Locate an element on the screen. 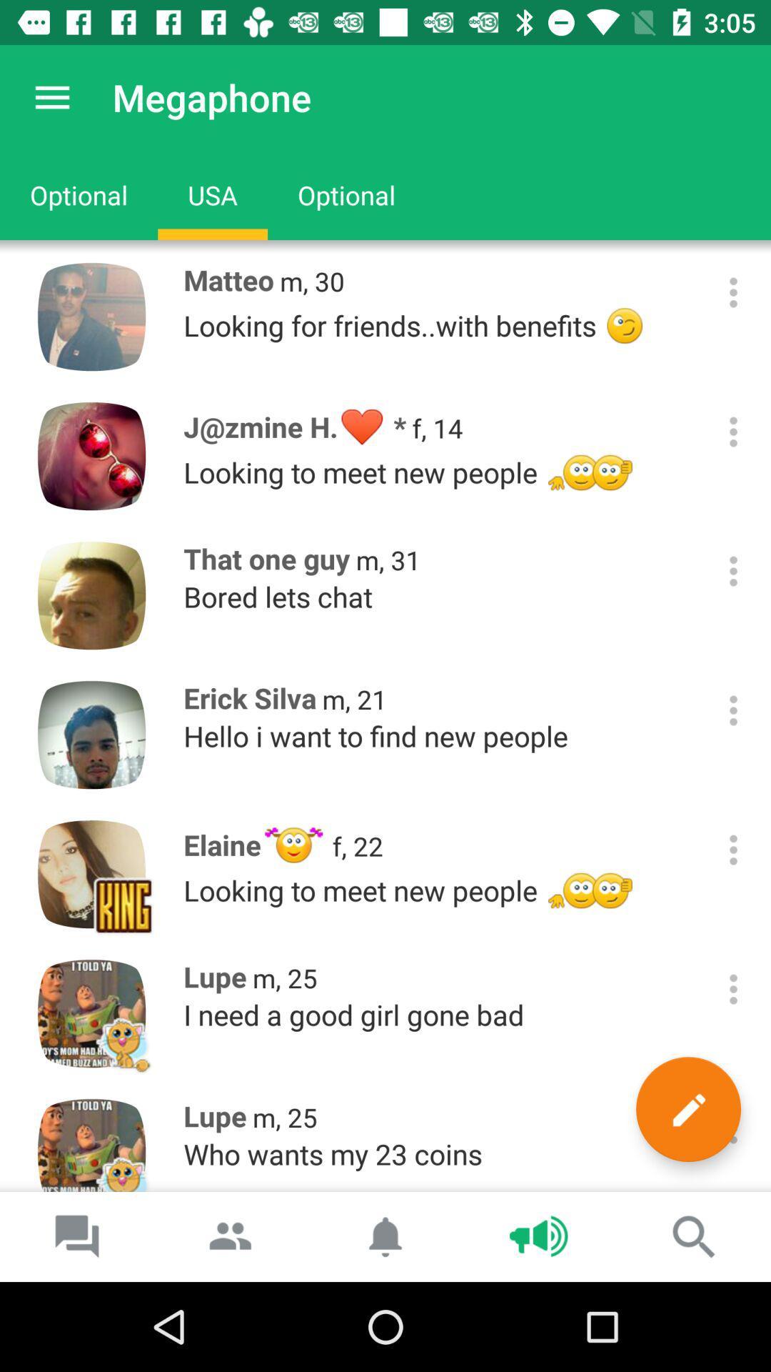 The width and height of the screenshot is (771, 1372). marker is located at coordinates (687, 1108).